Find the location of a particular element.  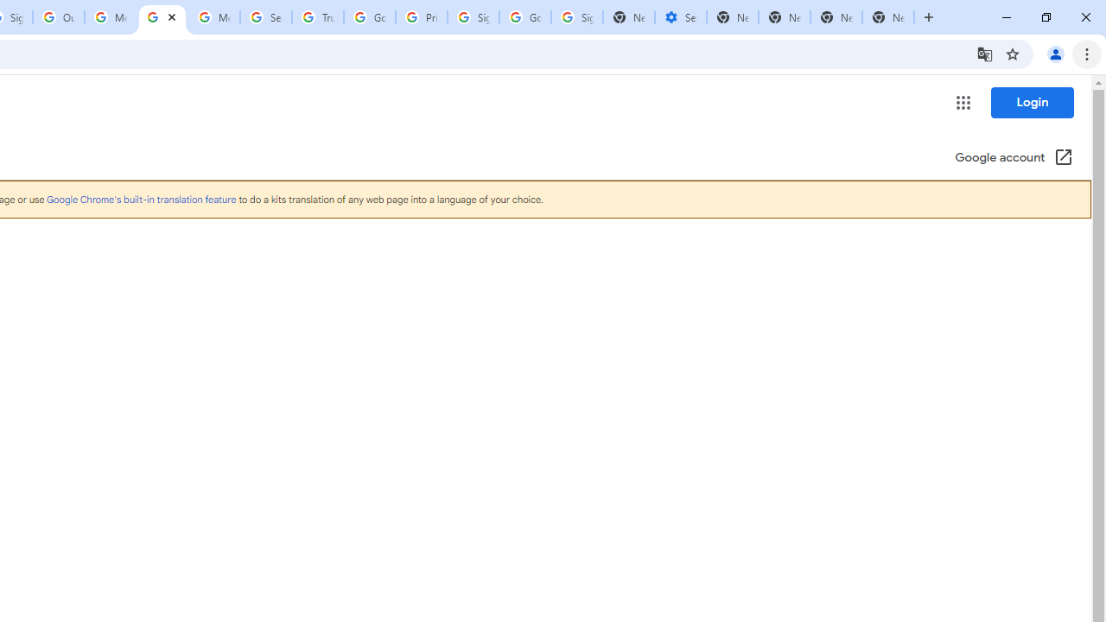

'Settings - Performance' is located at coordinates (679, 17).